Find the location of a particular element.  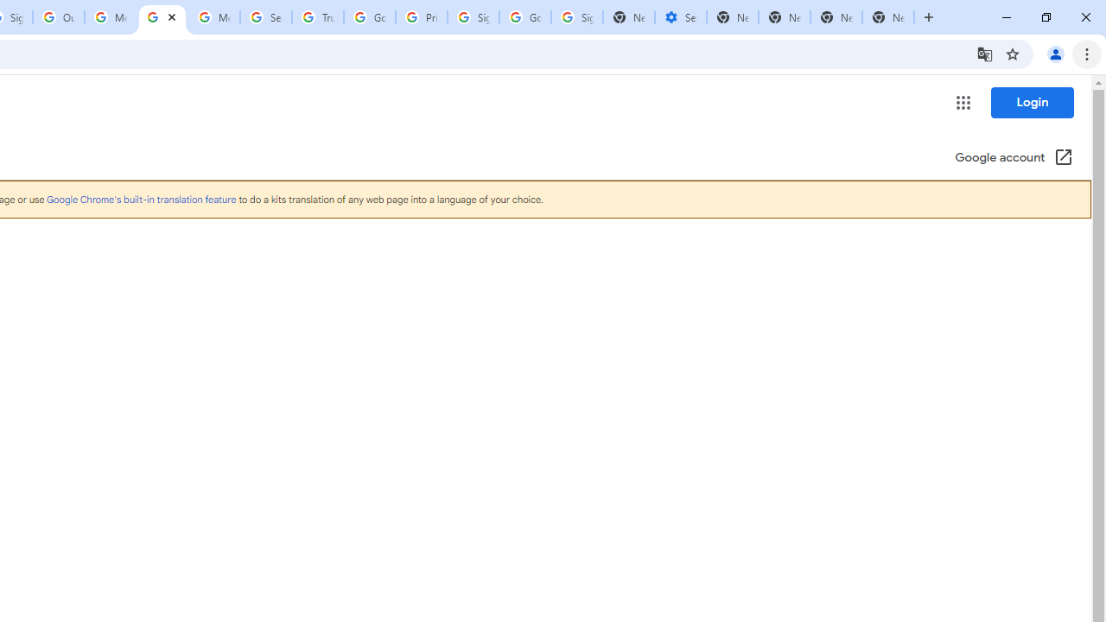

'Settings - Performance' is located at coordinates (679, 17).